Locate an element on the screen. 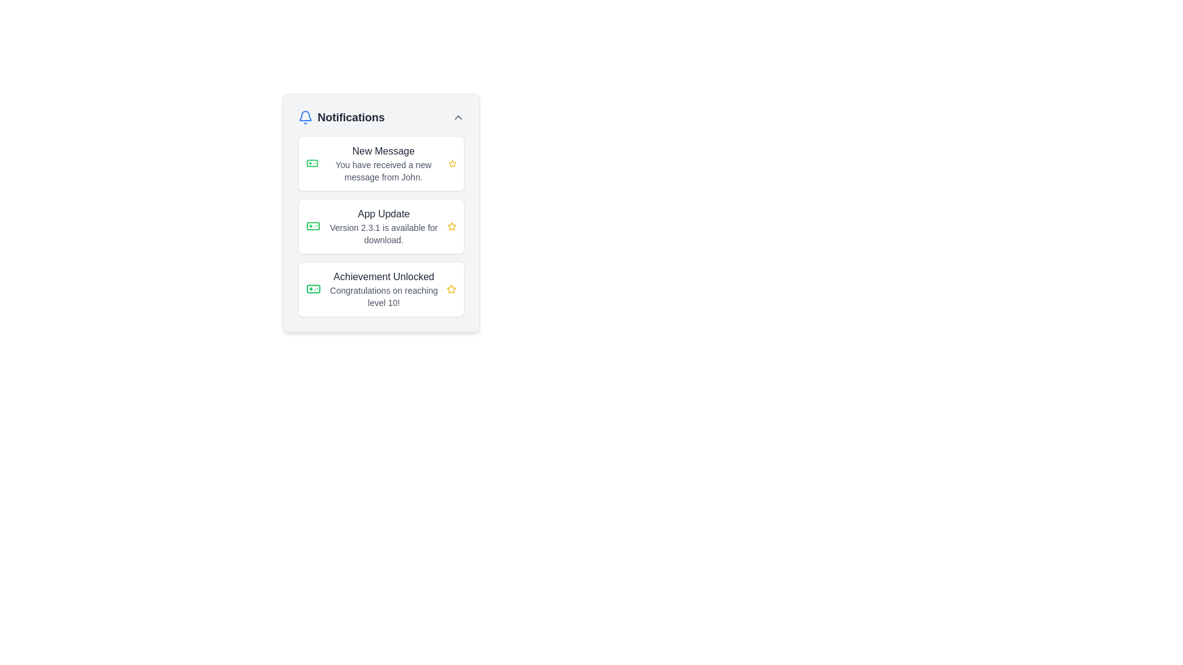  the text label that serves as the title for the third notification entry, located above the text 'Congratulations on reaching level 10!' is located at coordinates (383, 277).